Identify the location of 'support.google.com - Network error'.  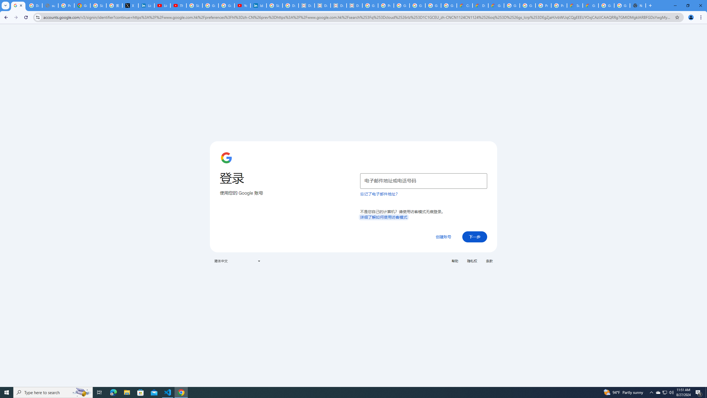
(50, 5).